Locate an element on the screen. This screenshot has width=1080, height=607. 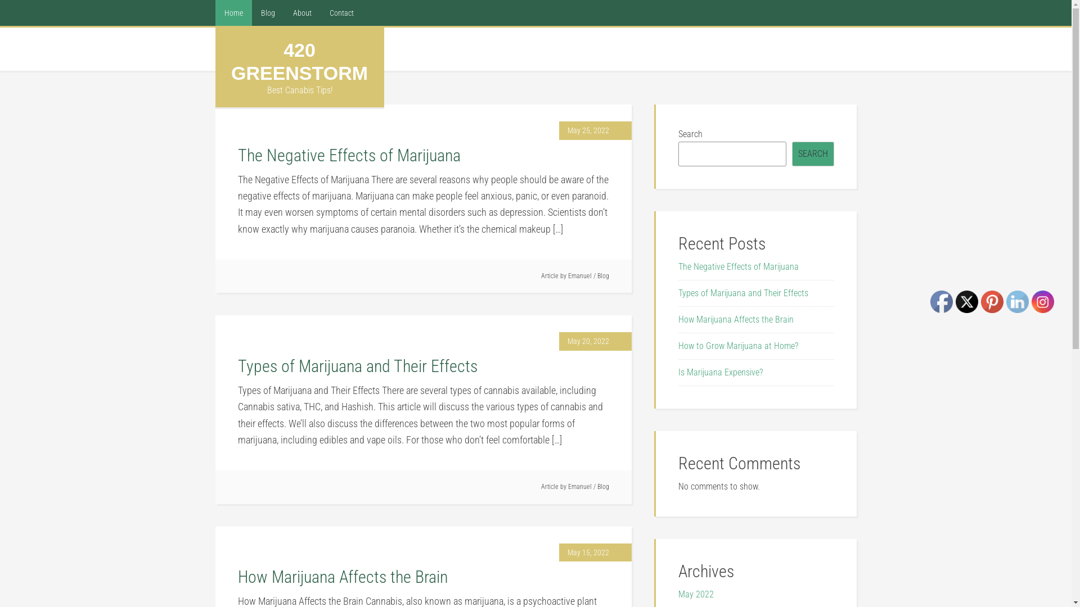
'Pinterest' is located at coordinates (980, 301).